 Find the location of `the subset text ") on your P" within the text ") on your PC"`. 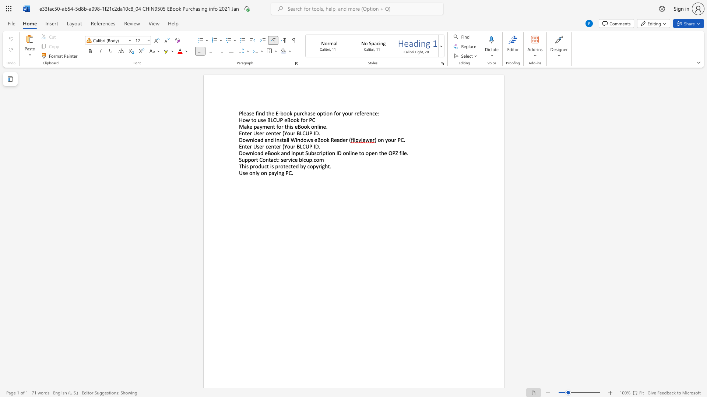

the subset text ") on your P" within the text ") on your PC" is located at coordinates (374, 140).